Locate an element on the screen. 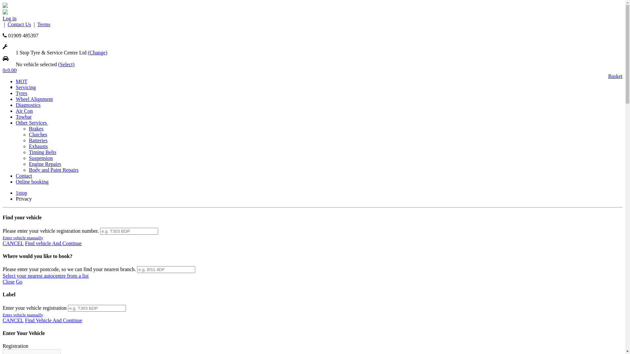 The image size is (630, 354). 'Batteries' is located at coordinates (38, 140).